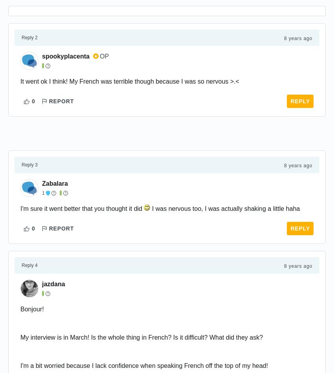  I want to click on 'shaking', so click(255, 208).